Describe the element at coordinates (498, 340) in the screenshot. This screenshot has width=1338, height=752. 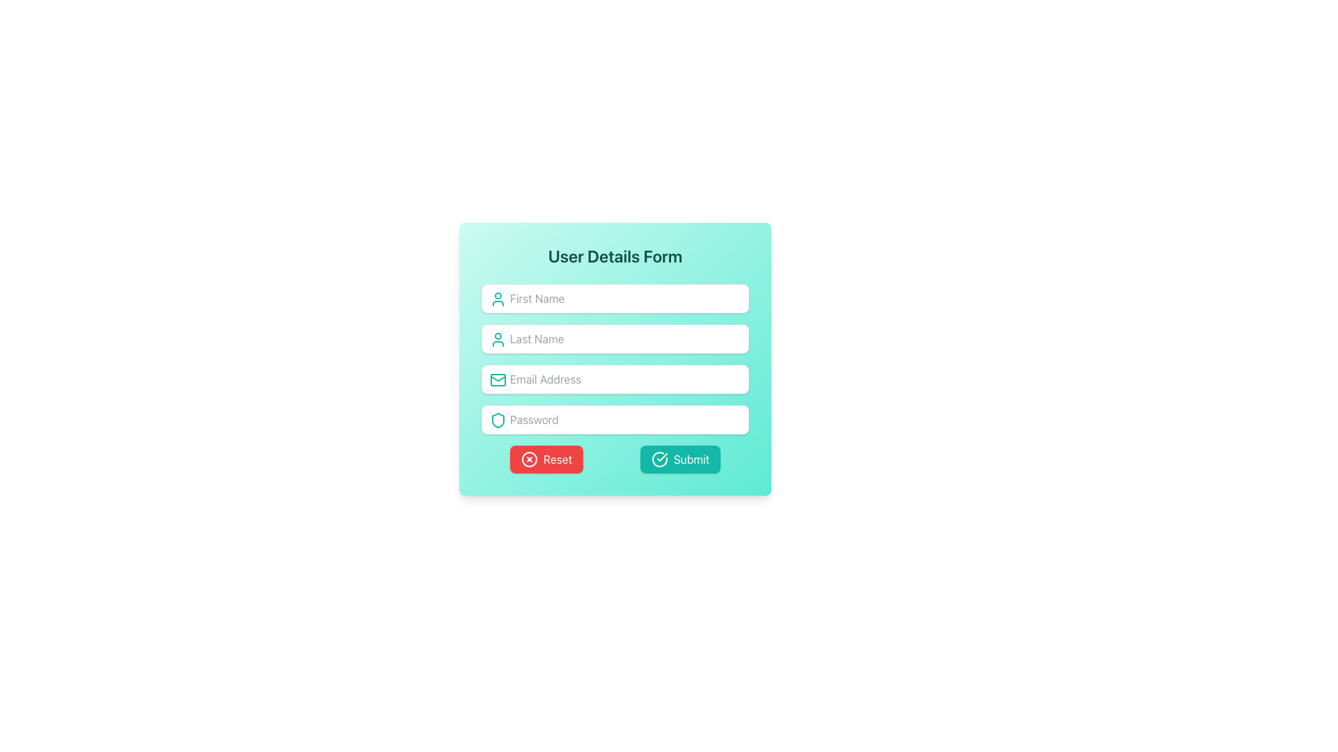
I see `the decorative icon depicting a user silhouette, which is styled in teal color and located to the left of the 'Last Name' input field, distinctively offset above its placeholder text` at that location.